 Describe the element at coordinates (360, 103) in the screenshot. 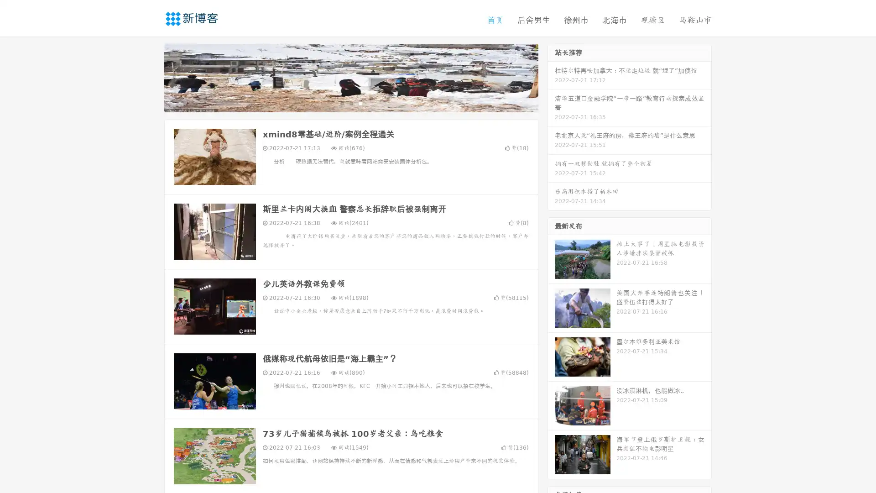

I see `Go to slide 3` at that location.